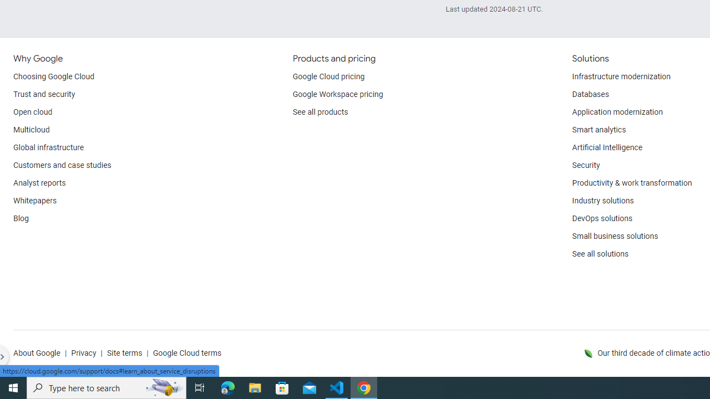  Describe the element at coordinates (632, 183) in the screenshot. I see `'Productivity & work transformation'` at that location.